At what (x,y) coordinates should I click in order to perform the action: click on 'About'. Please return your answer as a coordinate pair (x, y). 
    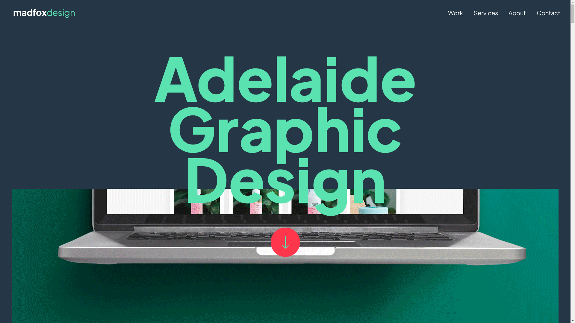
    Looking at the image, I should click on (517, 13).